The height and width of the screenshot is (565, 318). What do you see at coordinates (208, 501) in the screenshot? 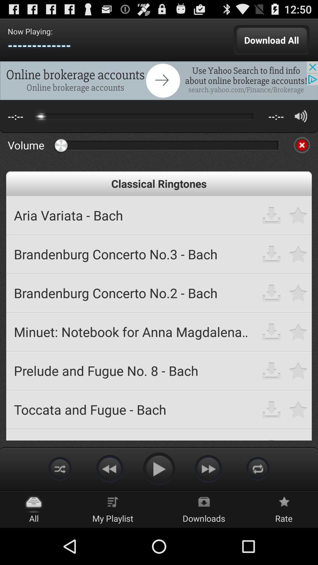
I see `the av_forward icon` at bounding box center [208, 501].